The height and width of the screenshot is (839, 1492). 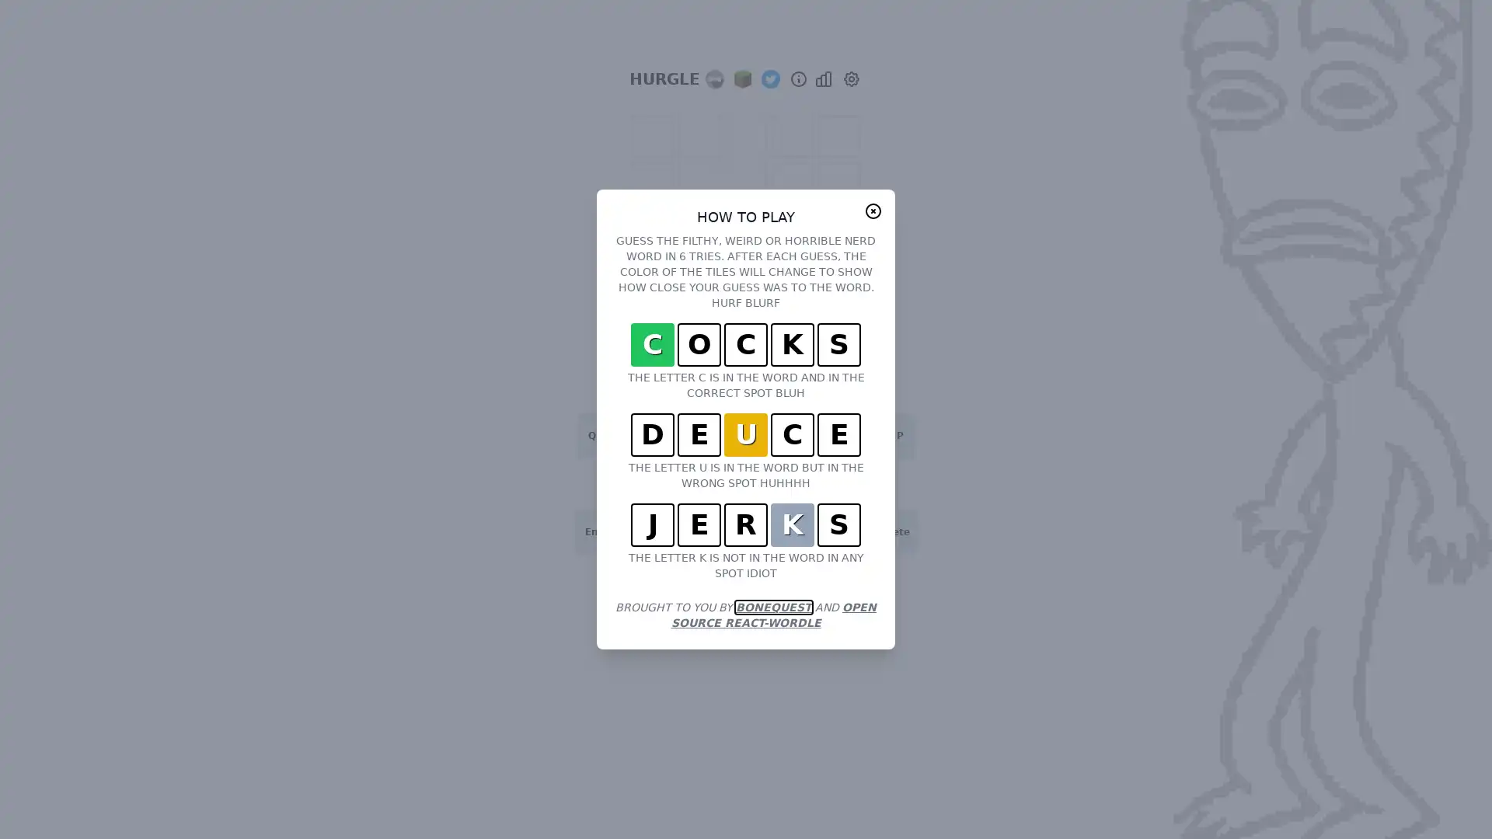 What do you see at coordinates (746, 531) in the screenshot?
I see `V` at bounding box center [746, 531].